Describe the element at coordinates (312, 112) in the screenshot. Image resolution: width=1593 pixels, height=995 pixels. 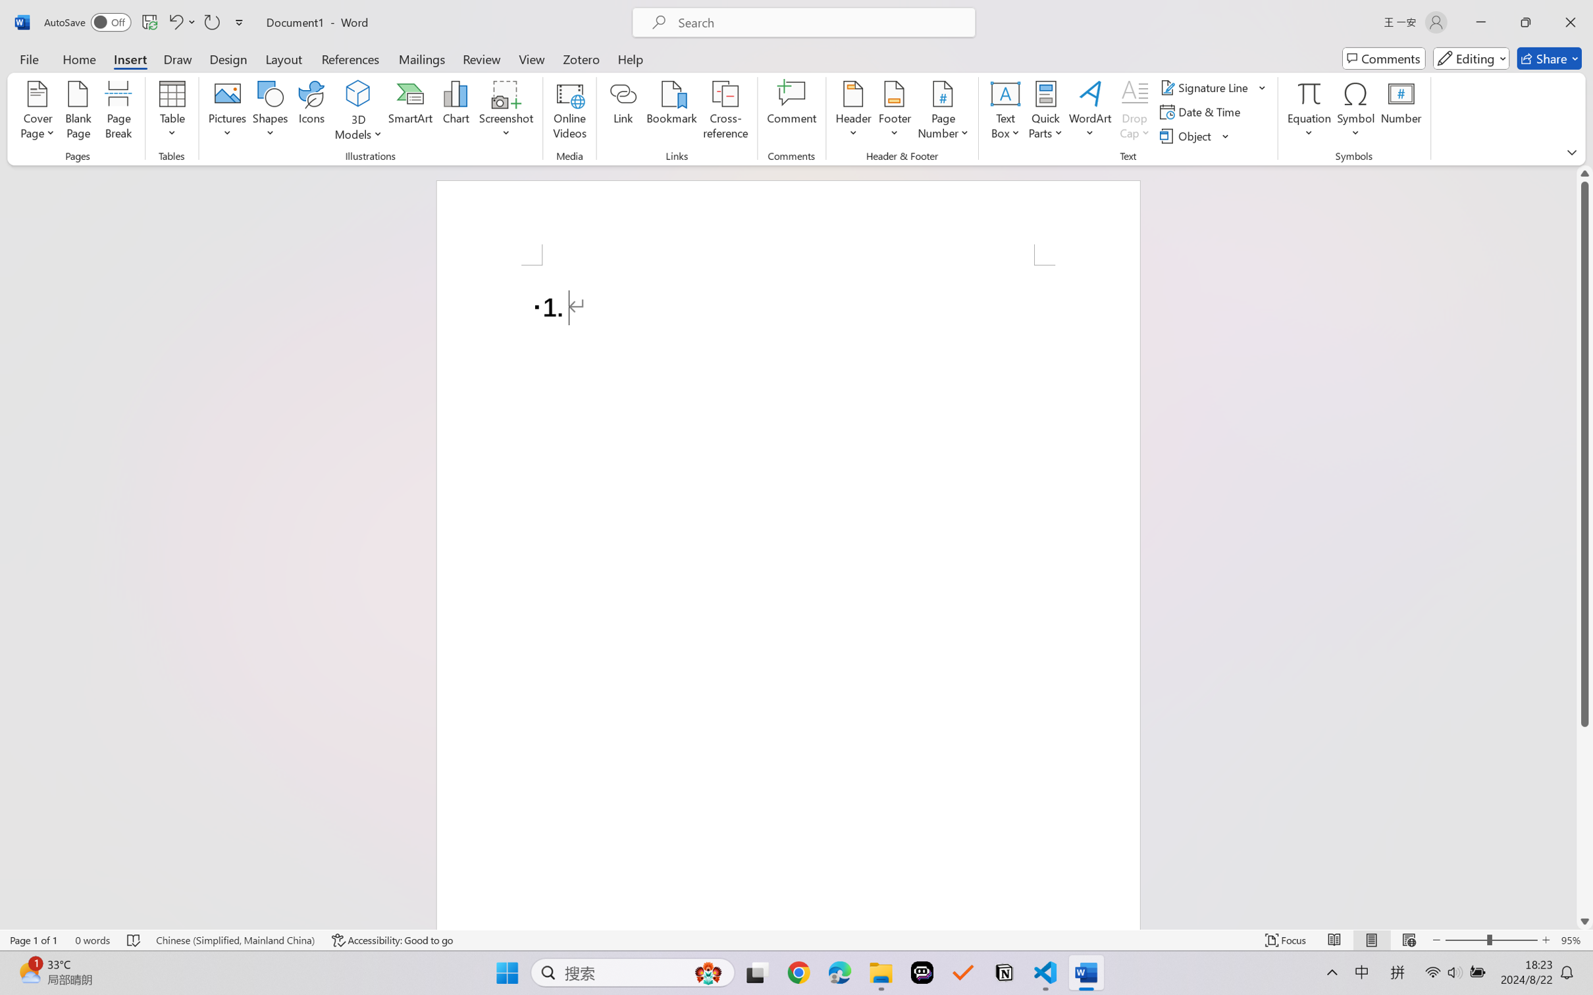
I see `'Icons'` at that location.